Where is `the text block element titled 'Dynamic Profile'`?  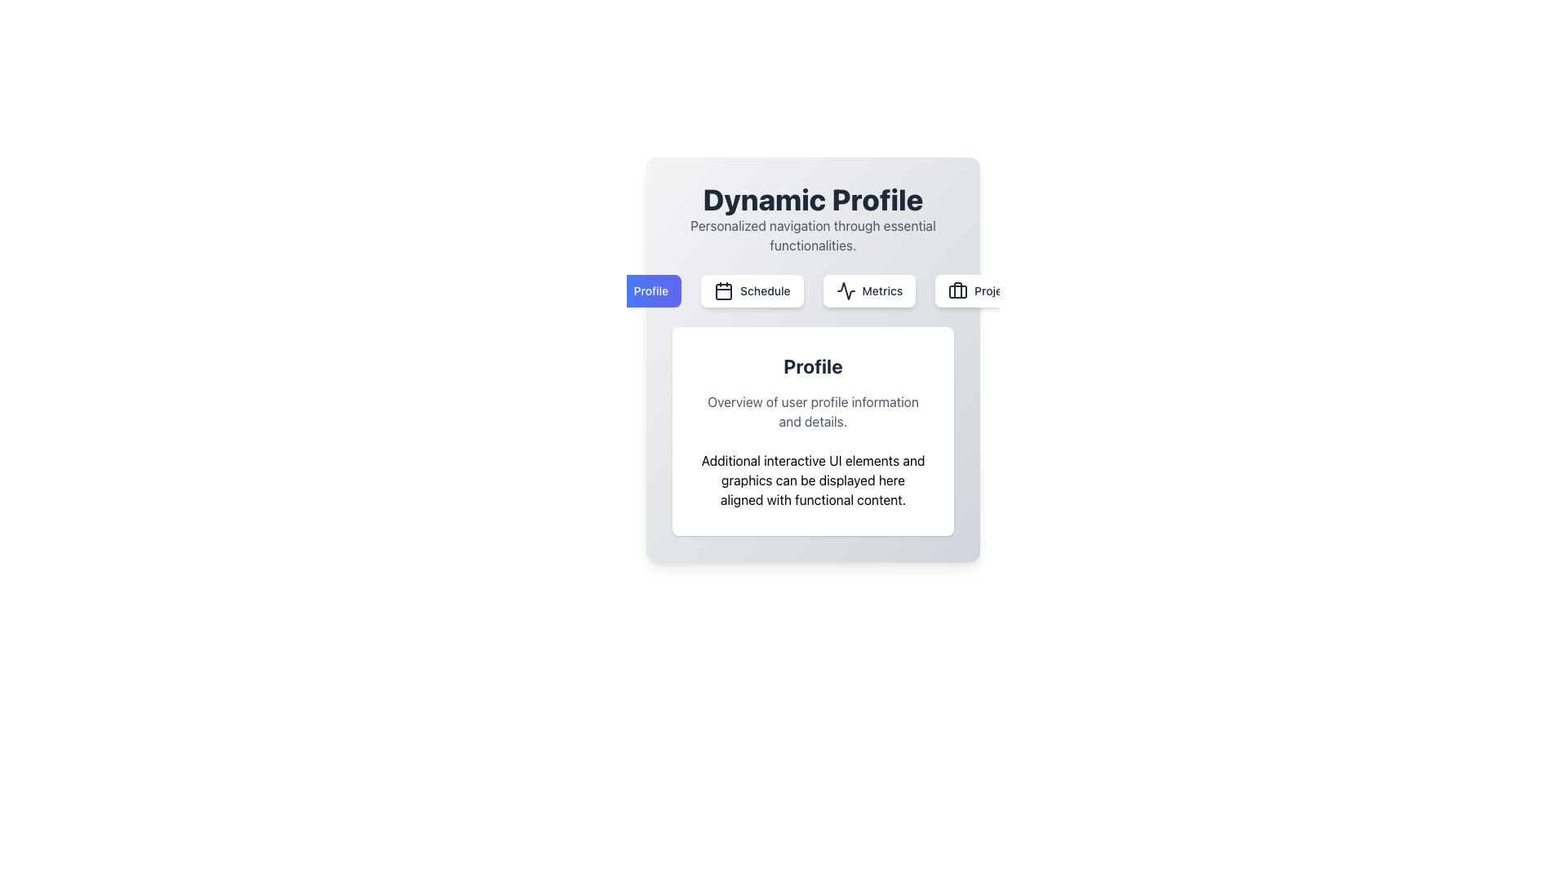
the text block element titled 'Dynamic Profile' is located at coordinates (813, 219).